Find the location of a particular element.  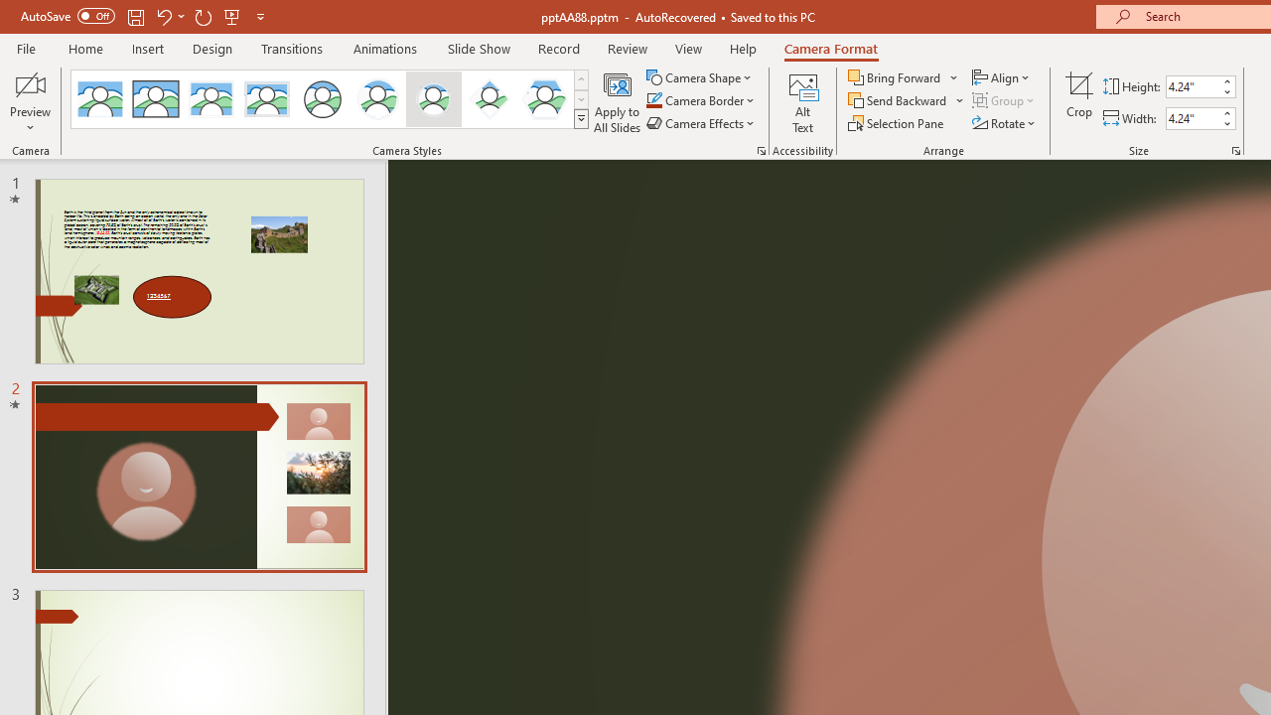

'Undo' is located at coordinates (163, 16).